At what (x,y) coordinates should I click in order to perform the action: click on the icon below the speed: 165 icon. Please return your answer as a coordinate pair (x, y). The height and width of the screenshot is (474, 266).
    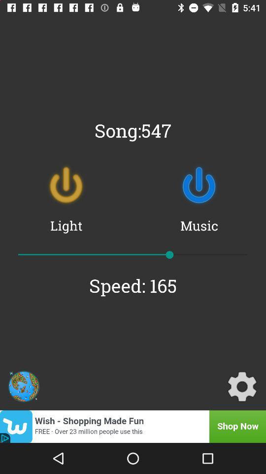
    Looking at the image, I should click on (241, 386).